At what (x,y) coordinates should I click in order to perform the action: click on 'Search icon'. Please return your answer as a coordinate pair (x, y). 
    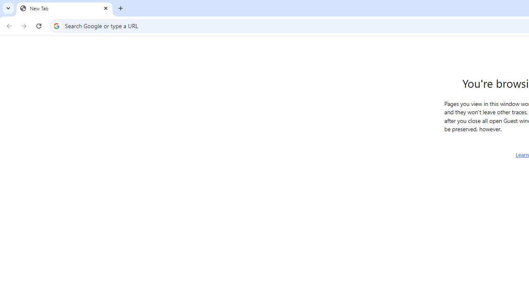
    Looking at the image, I should click on (56, 25).